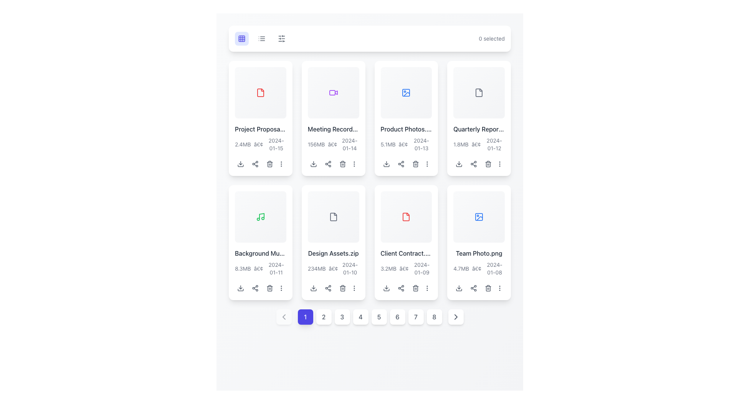 The width and height of the screenshot is (737, 414). I want to click on the selectable file card for 'Product Photos.jpg', located in the top-right corner of the first row of the grid, so click(406, 118).